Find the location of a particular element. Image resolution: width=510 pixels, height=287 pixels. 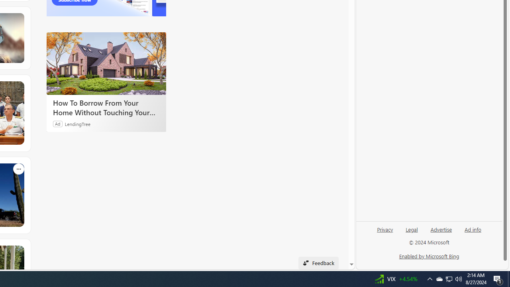

'Ad info' is located at coordinates (473, 232).